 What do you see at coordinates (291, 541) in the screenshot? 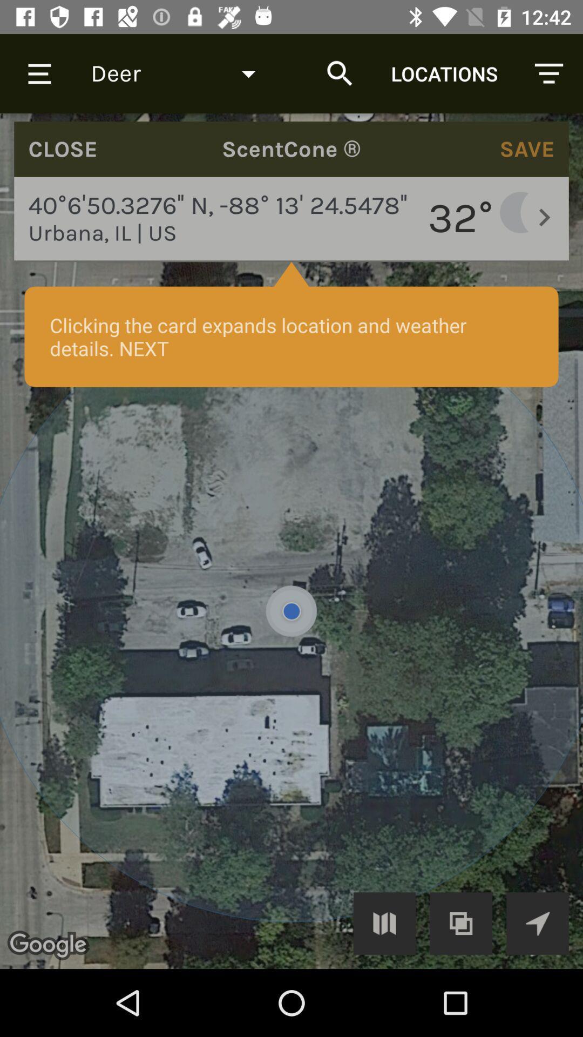
I see `information page` at bounding box center [291, 541].